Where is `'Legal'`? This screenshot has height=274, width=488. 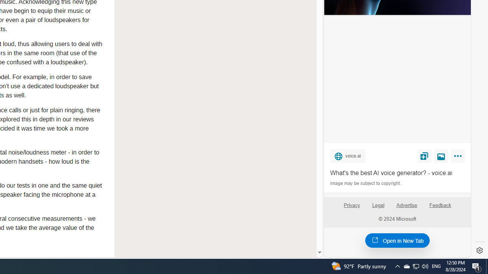
'Legal' is located at coordinates (378, 208).